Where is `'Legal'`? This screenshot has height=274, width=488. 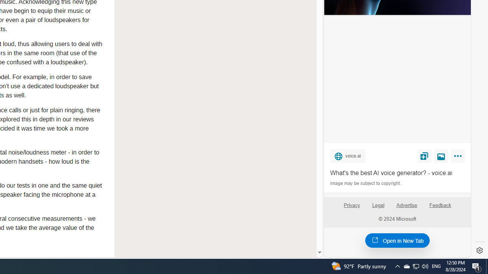
'Legal' is located at coordinates (378, 208).